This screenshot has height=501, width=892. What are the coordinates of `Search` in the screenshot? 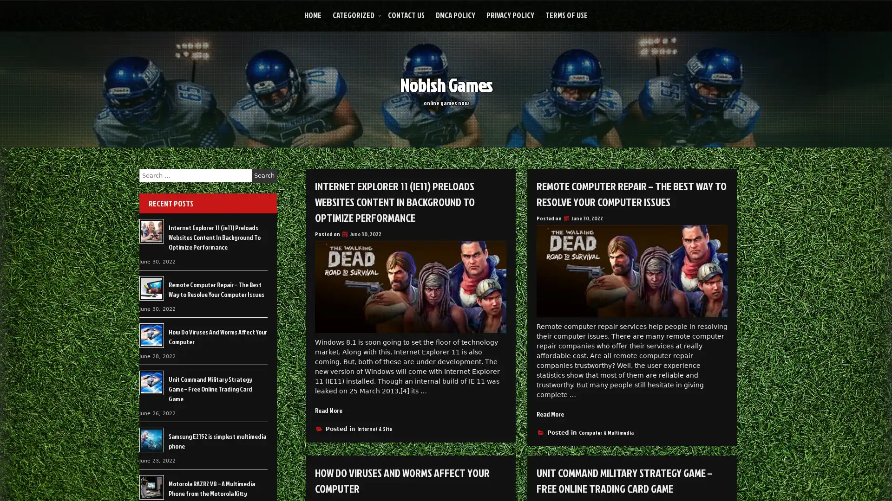 It's located at (264, 175).